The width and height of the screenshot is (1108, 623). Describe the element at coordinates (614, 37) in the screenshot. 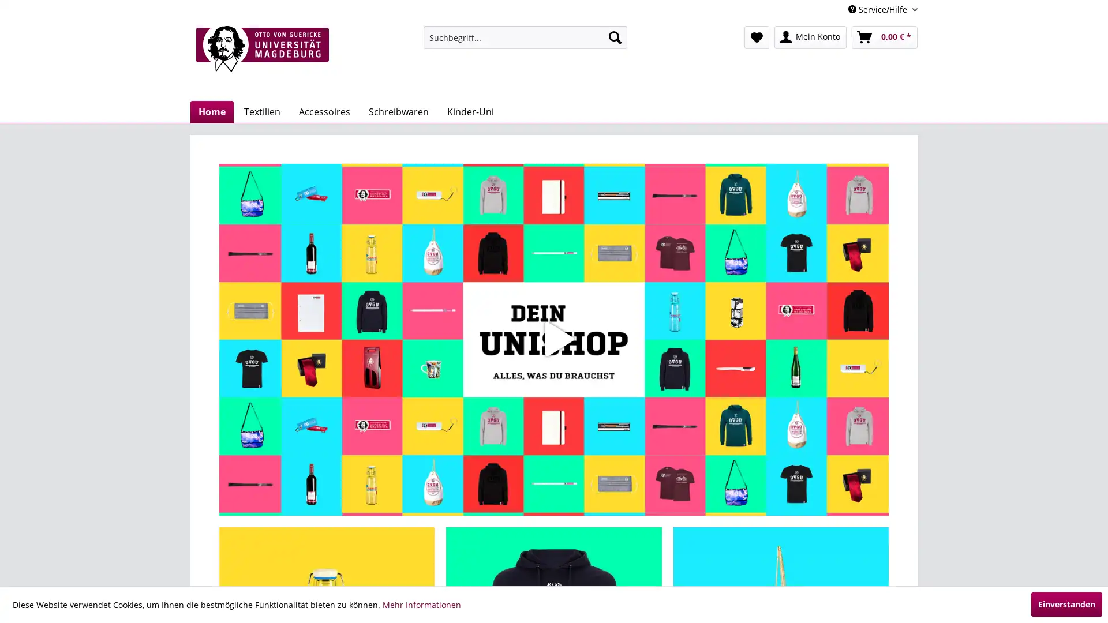

I see `Suchen` at that location.